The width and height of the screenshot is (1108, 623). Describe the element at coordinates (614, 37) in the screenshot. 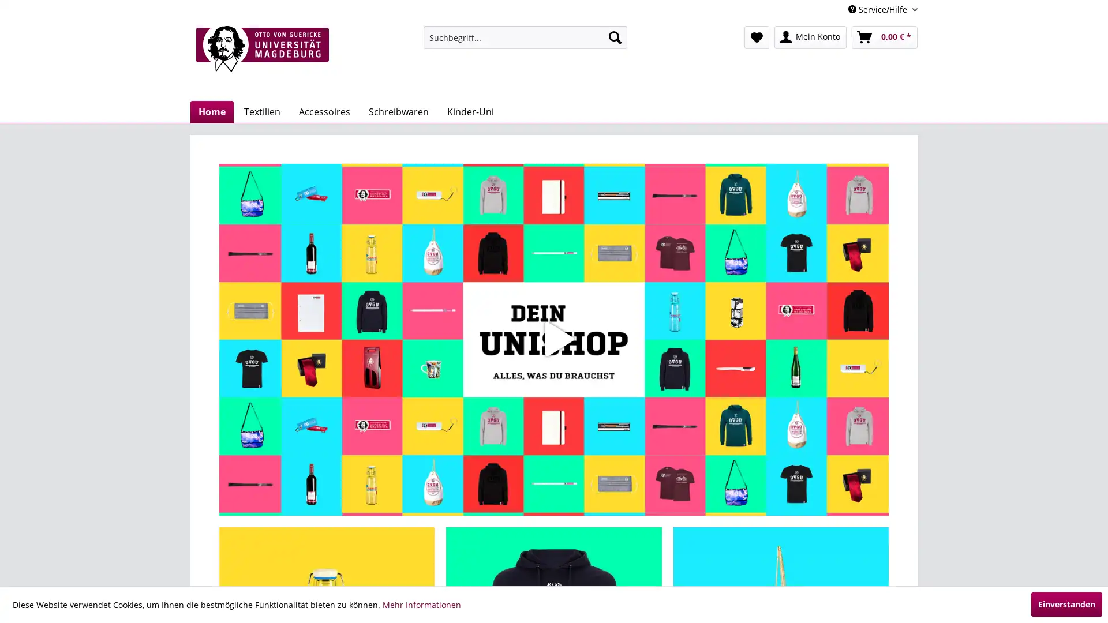

I see `Suchen` at that location.